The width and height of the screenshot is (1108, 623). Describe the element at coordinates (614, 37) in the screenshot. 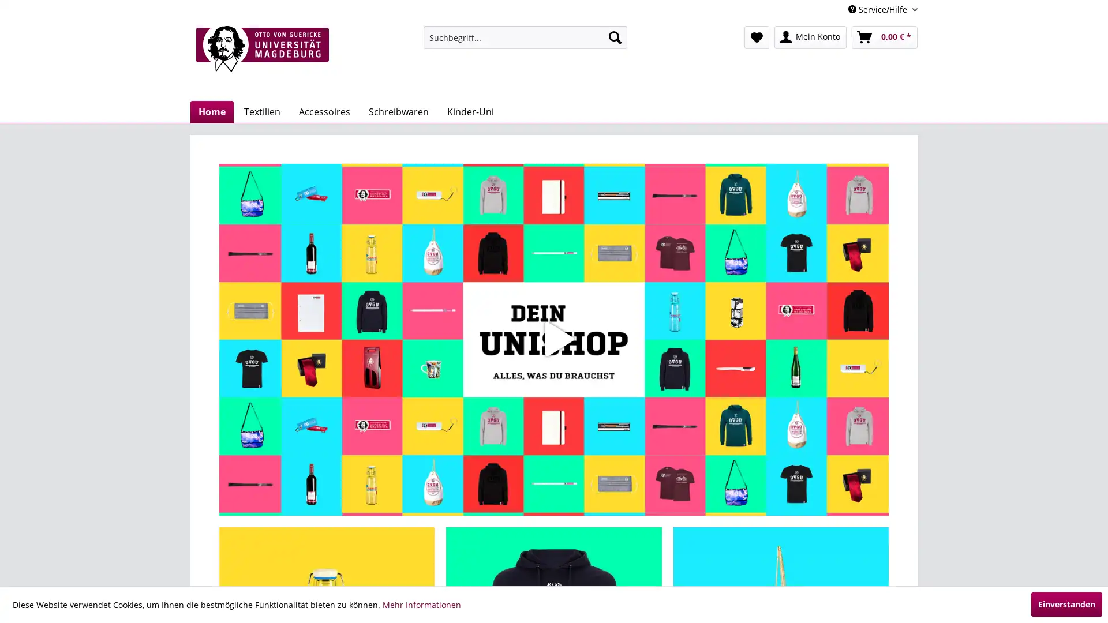

I see `Suchen` at that location.